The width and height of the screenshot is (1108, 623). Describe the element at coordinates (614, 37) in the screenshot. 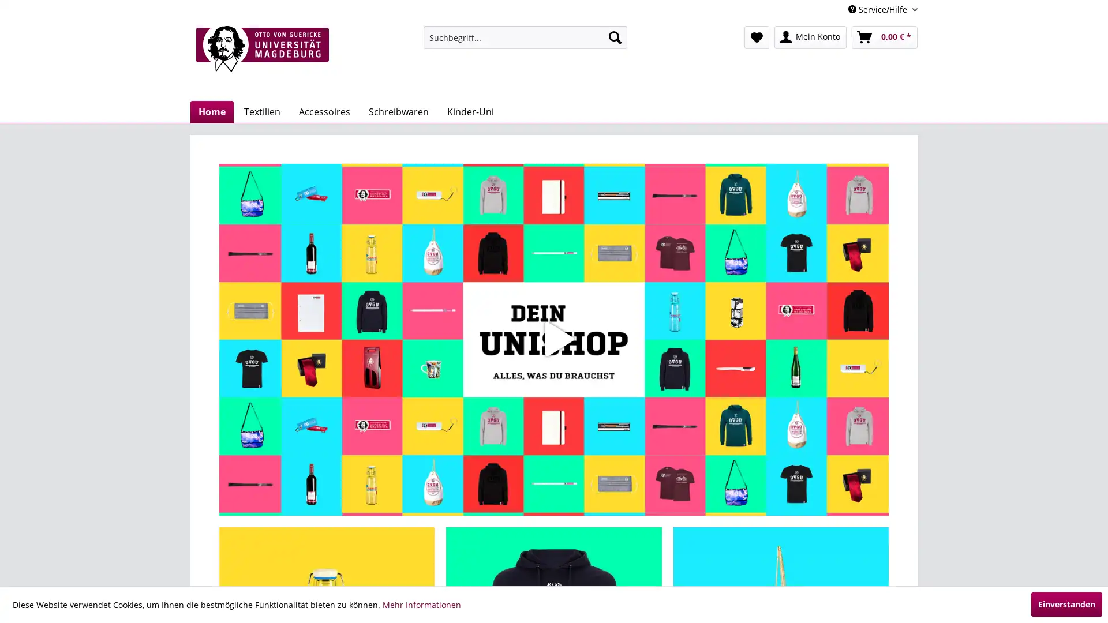

I see `Suchen` at that location.